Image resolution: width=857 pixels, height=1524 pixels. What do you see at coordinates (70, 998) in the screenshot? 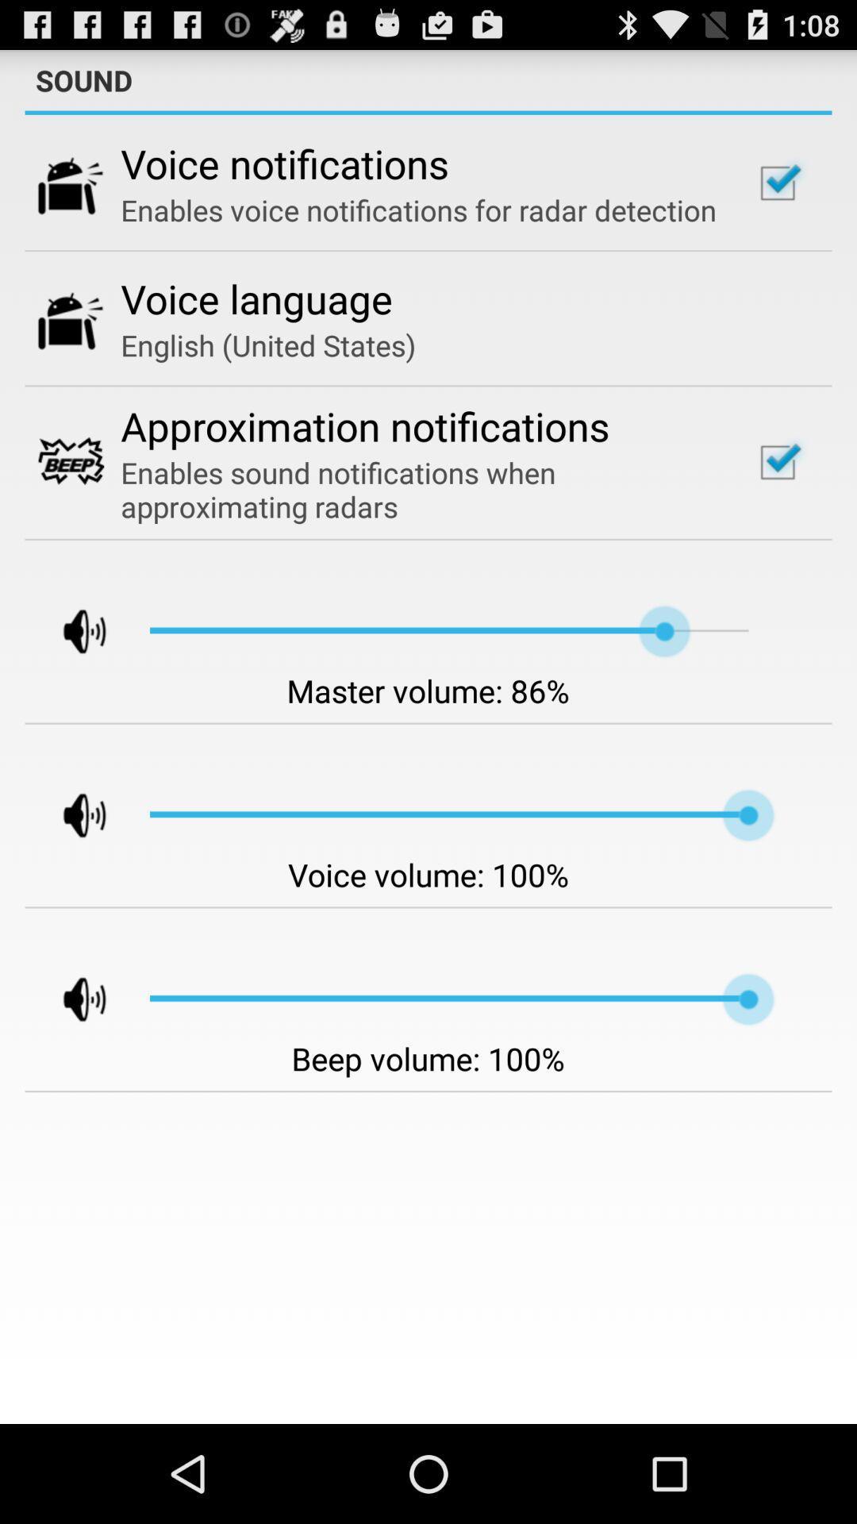
I see `the third volume symbol` at bounding box center [70, 998].